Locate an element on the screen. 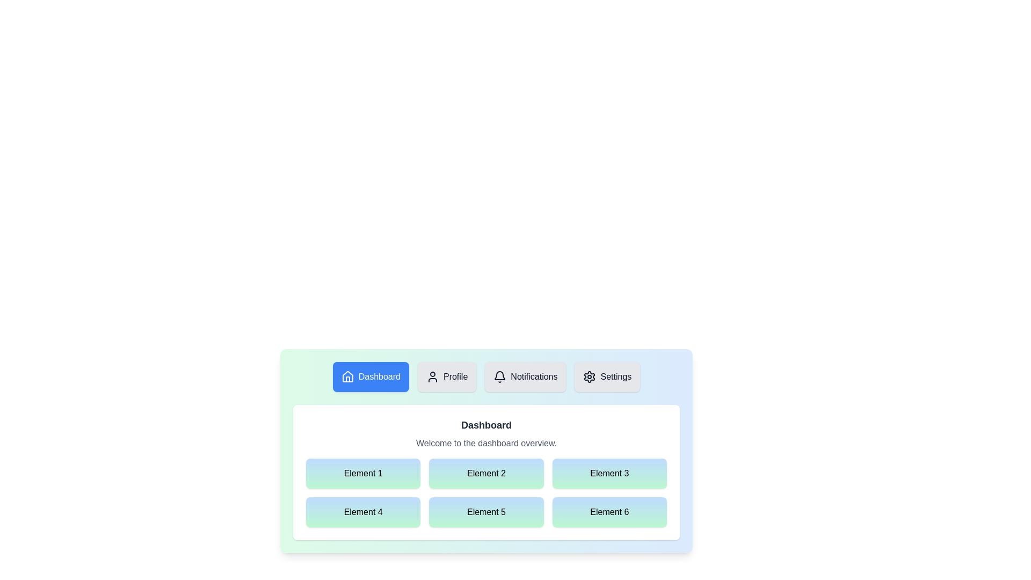  the grid element labeled Element 5 is located at coordinates (486, 511).